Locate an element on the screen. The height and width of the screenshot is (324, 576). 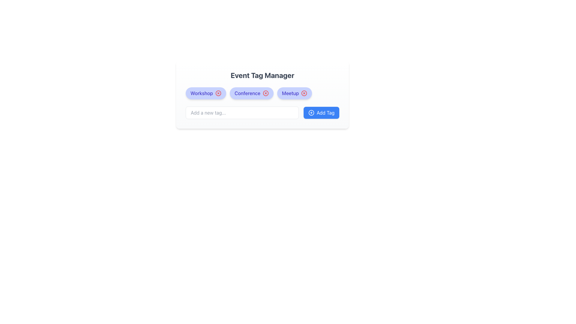
the circular icon button with a red border and 'X' symbol, located to the right of the 'Workshop' label within a rounded purple tag is located at coordinates (218, 93).